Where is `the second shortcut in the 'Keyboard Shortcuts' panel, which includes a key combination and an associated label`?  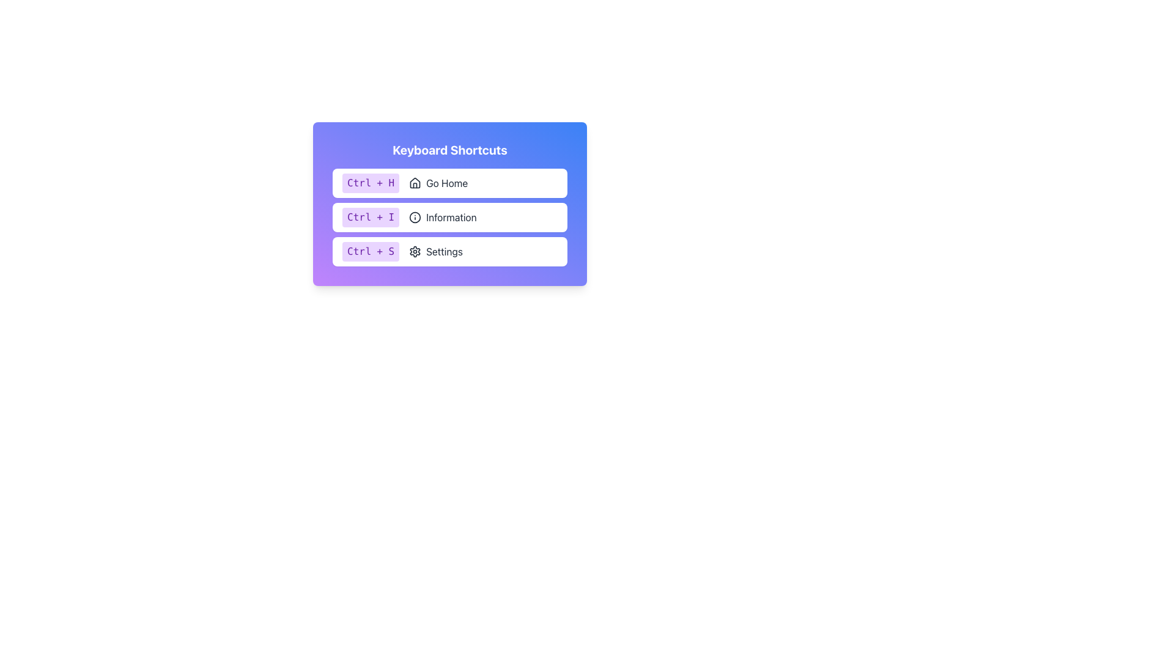 the second shortcut in the 'Keyboard Shortcuts' panel, which includes a key combination and an associated label is located at coordinates (449, 216).